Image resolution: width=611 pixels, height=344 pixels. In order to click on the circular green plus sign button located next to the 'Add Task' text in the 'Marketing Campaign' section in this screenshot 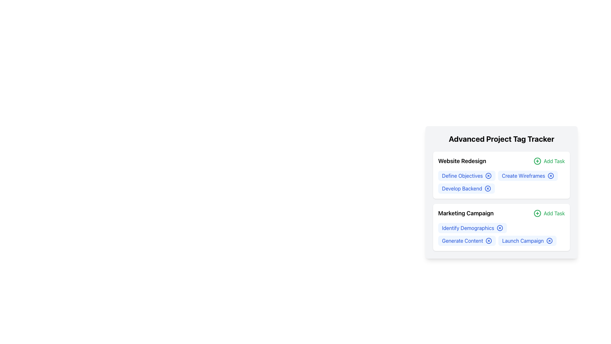, I will do `click(537, 213)`.